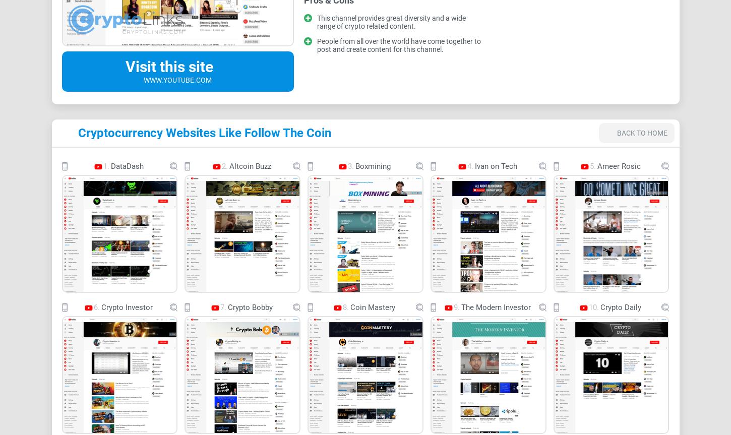 Image resolution: width=731 pixels, height=435 pixels. Describe the element at coordinates (127, 306) in the screenshot. I see `'Crypto Investor'` at that location.